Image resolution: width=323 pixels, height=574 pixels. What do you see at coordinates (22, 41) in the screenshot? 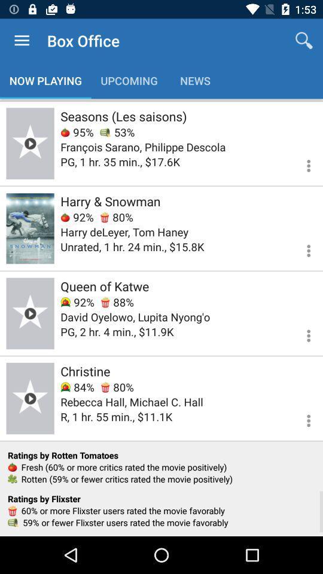
I see `item above now playing item` at bounding box center [22, 41].